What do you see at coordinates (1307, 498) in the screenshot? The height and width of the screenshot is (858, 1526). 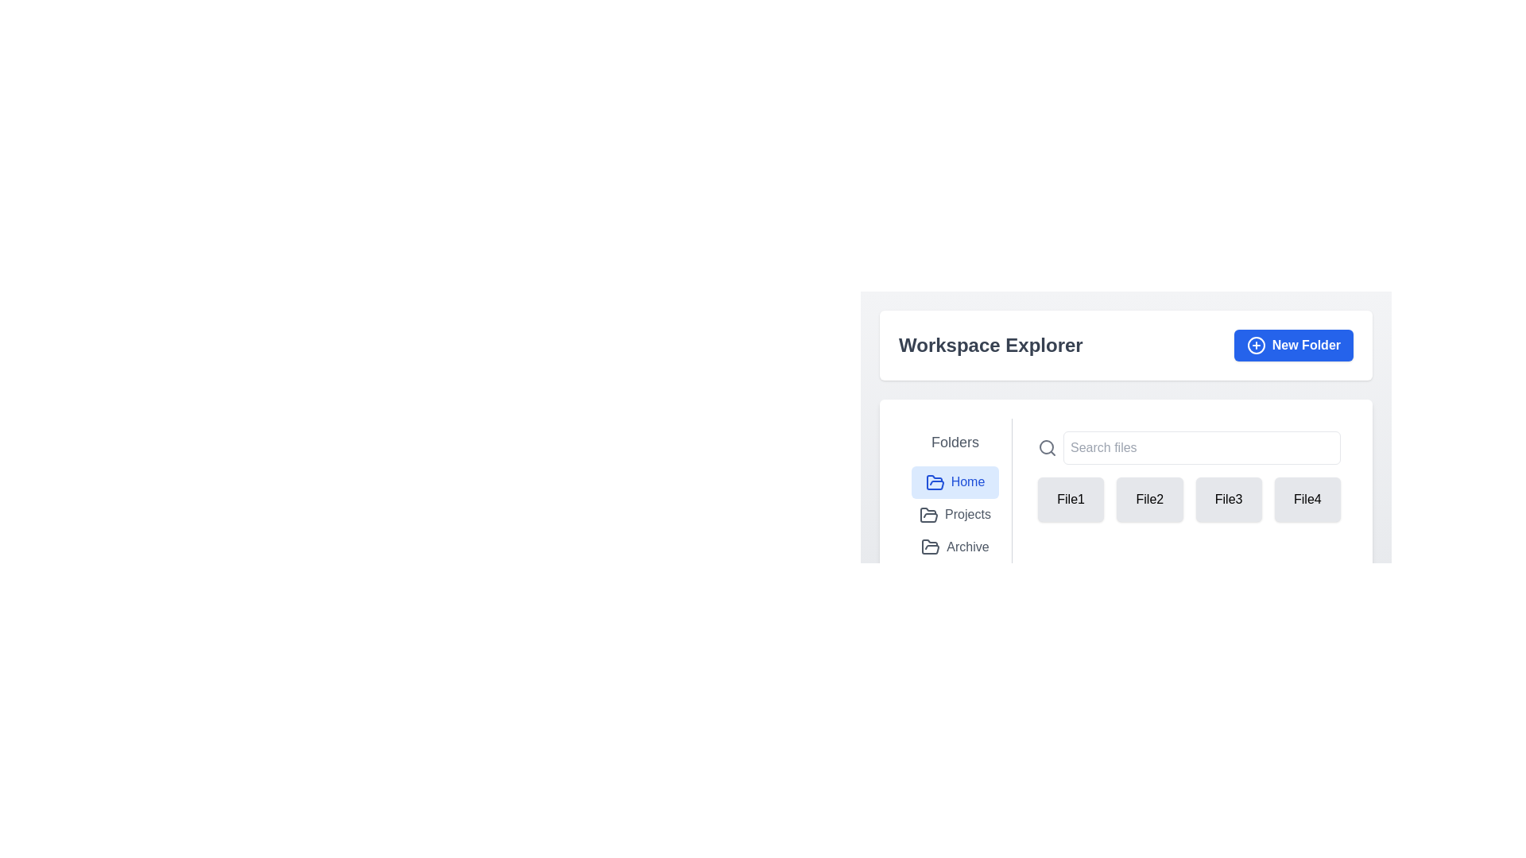 I see `the selectable button labeled 'File4' which has a light gray background and is the last item in a horizontal grid layout` at bounding box center [1307, 498].